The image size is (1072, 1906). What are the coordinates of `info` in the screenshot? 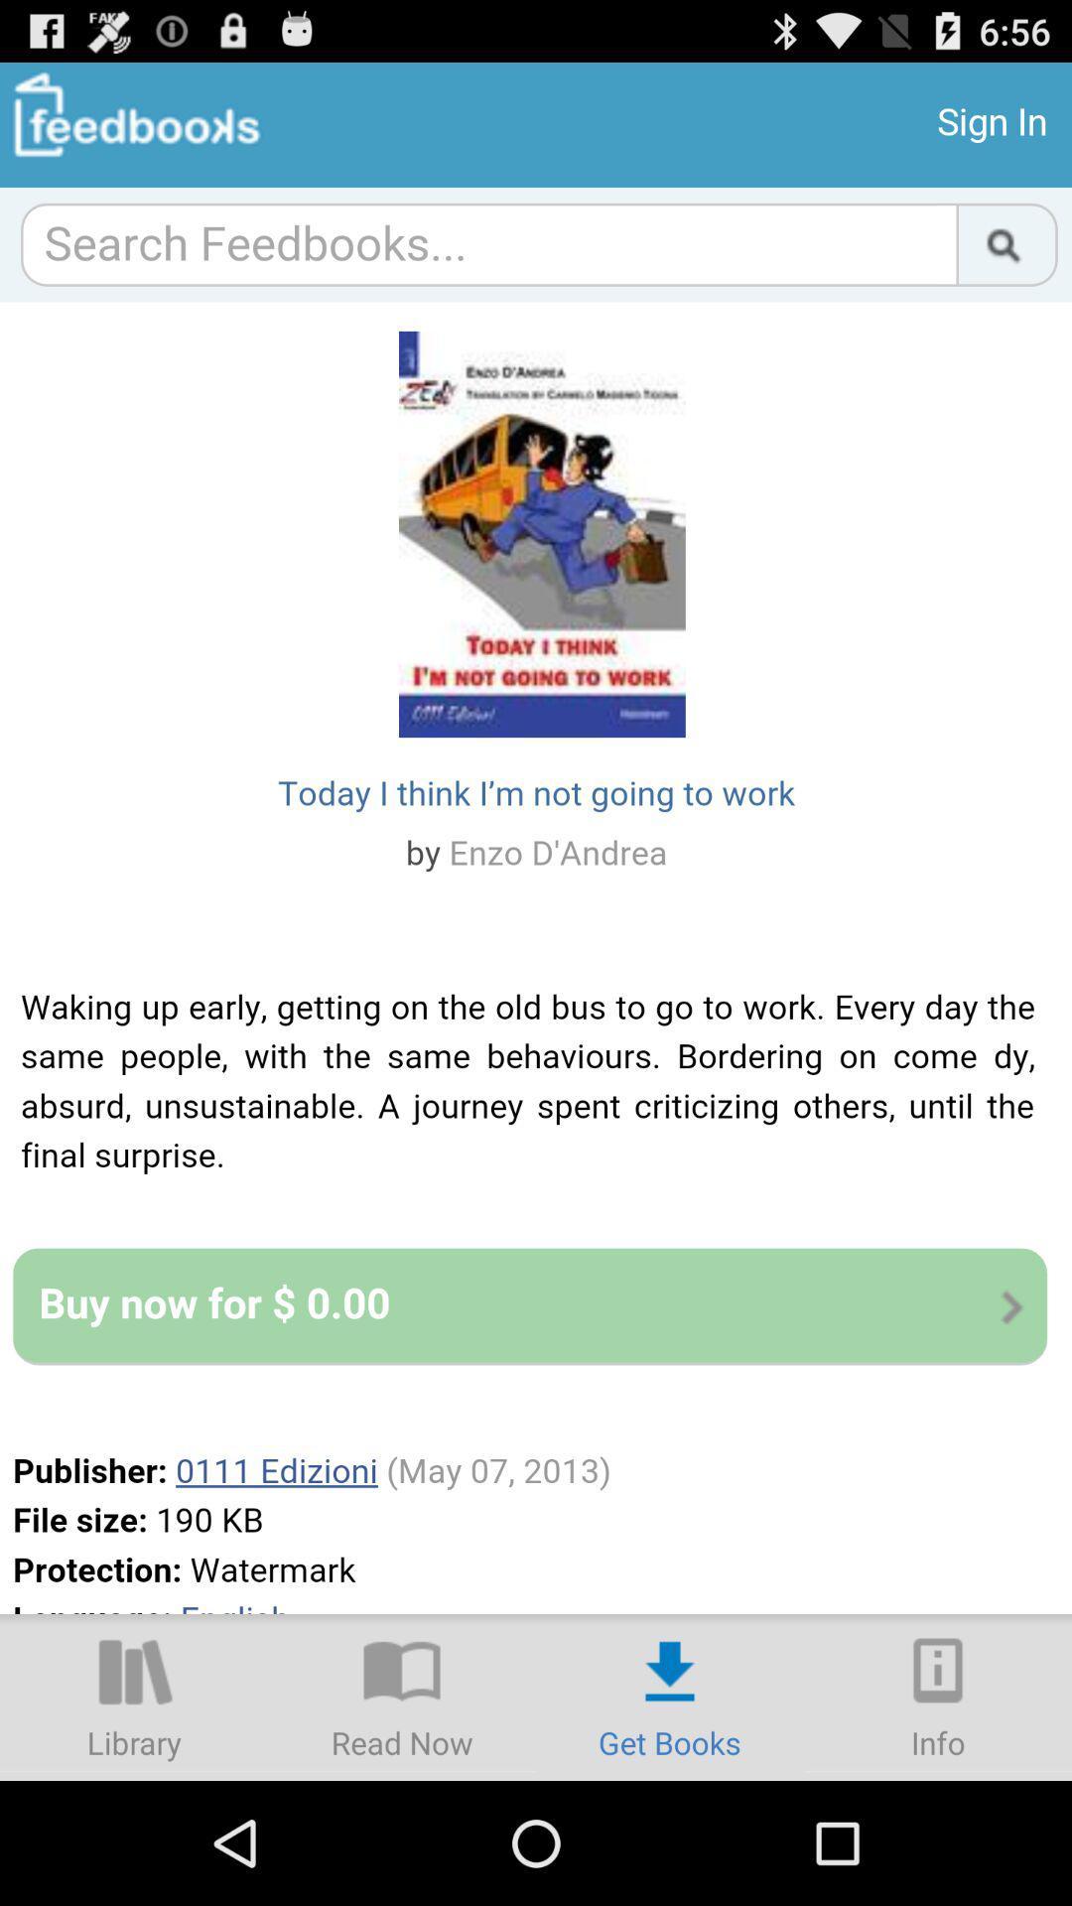 It's located at (938, 1696).